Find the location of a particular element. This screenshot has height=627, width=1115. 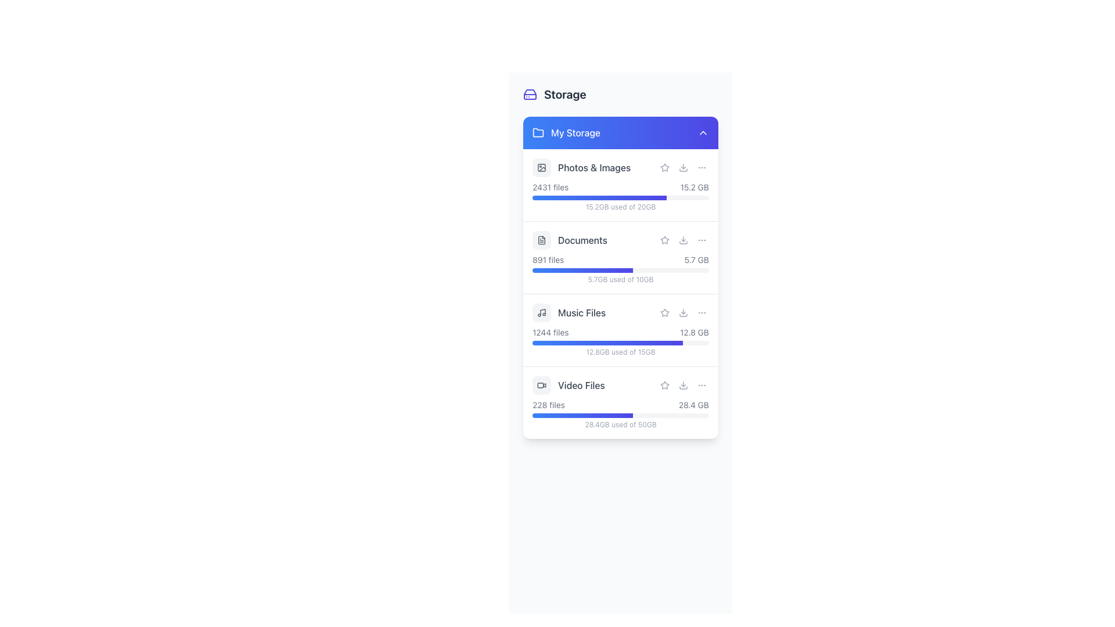

the 'Music Files' data display card located in the 'My Storage' section is located at coordinates (620, 293).